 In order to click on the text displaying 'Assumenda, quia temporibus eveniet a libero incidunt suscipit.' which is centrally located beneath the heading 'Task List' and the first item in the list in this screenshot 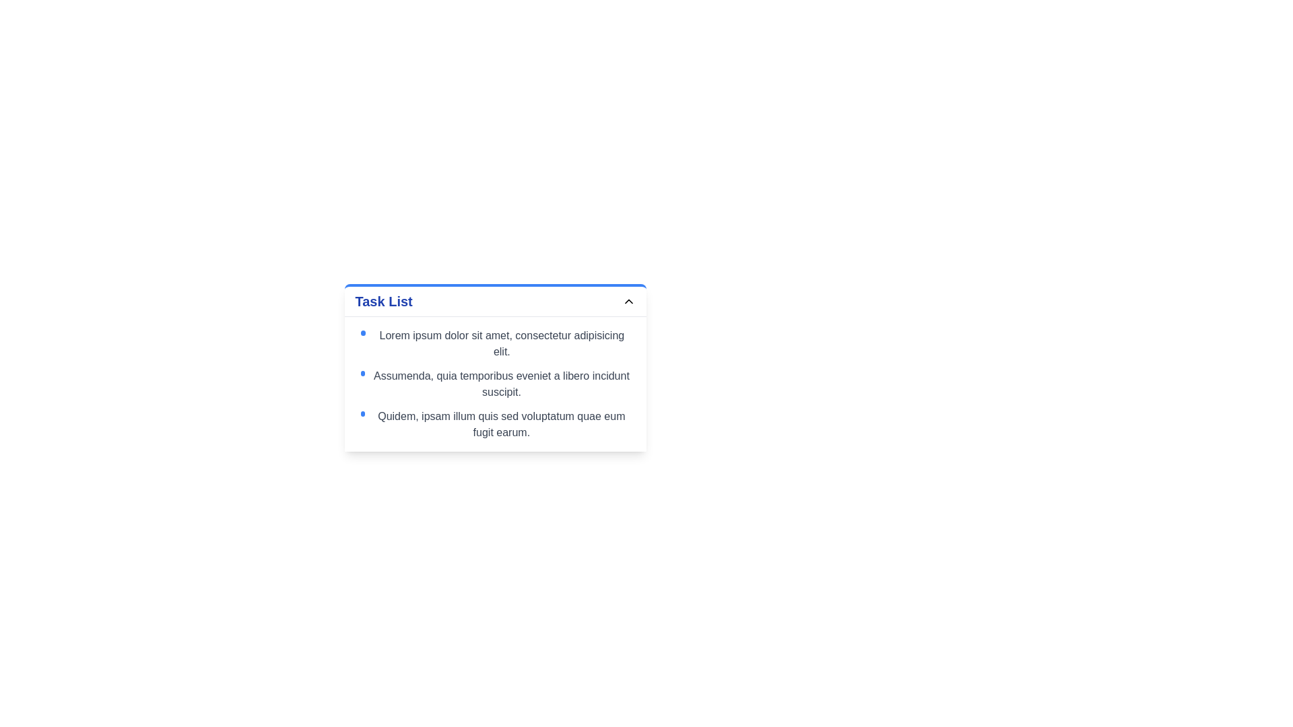, I will do `click(494, 384)`.